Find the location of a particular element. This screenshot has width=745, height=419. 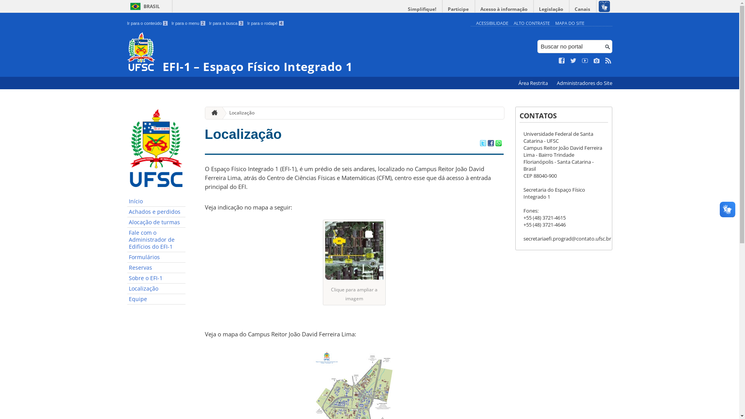

'Participe' is located at coordinates (442, 9).